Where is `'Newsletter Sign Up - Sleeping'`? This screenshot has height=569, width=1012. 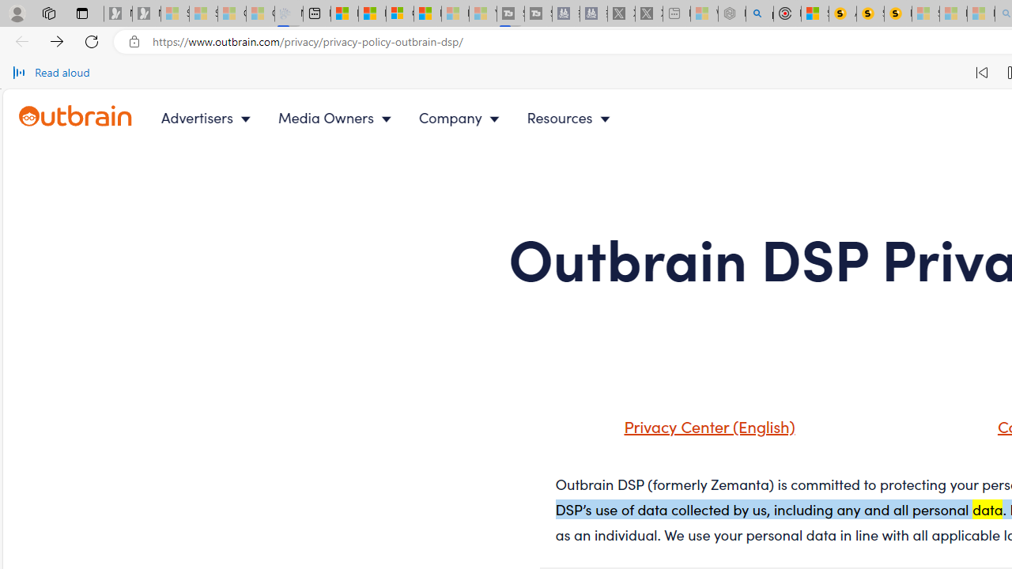
'Newsletter Sign Up - Sleeping' is located at coordinates (146, 13).